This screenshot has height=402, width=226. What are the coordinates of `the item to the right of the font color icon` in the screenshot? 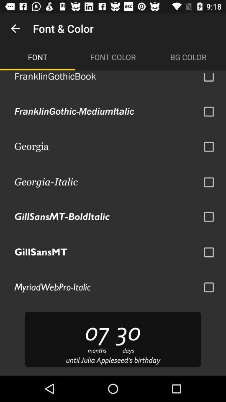 It's located at (188, 57).